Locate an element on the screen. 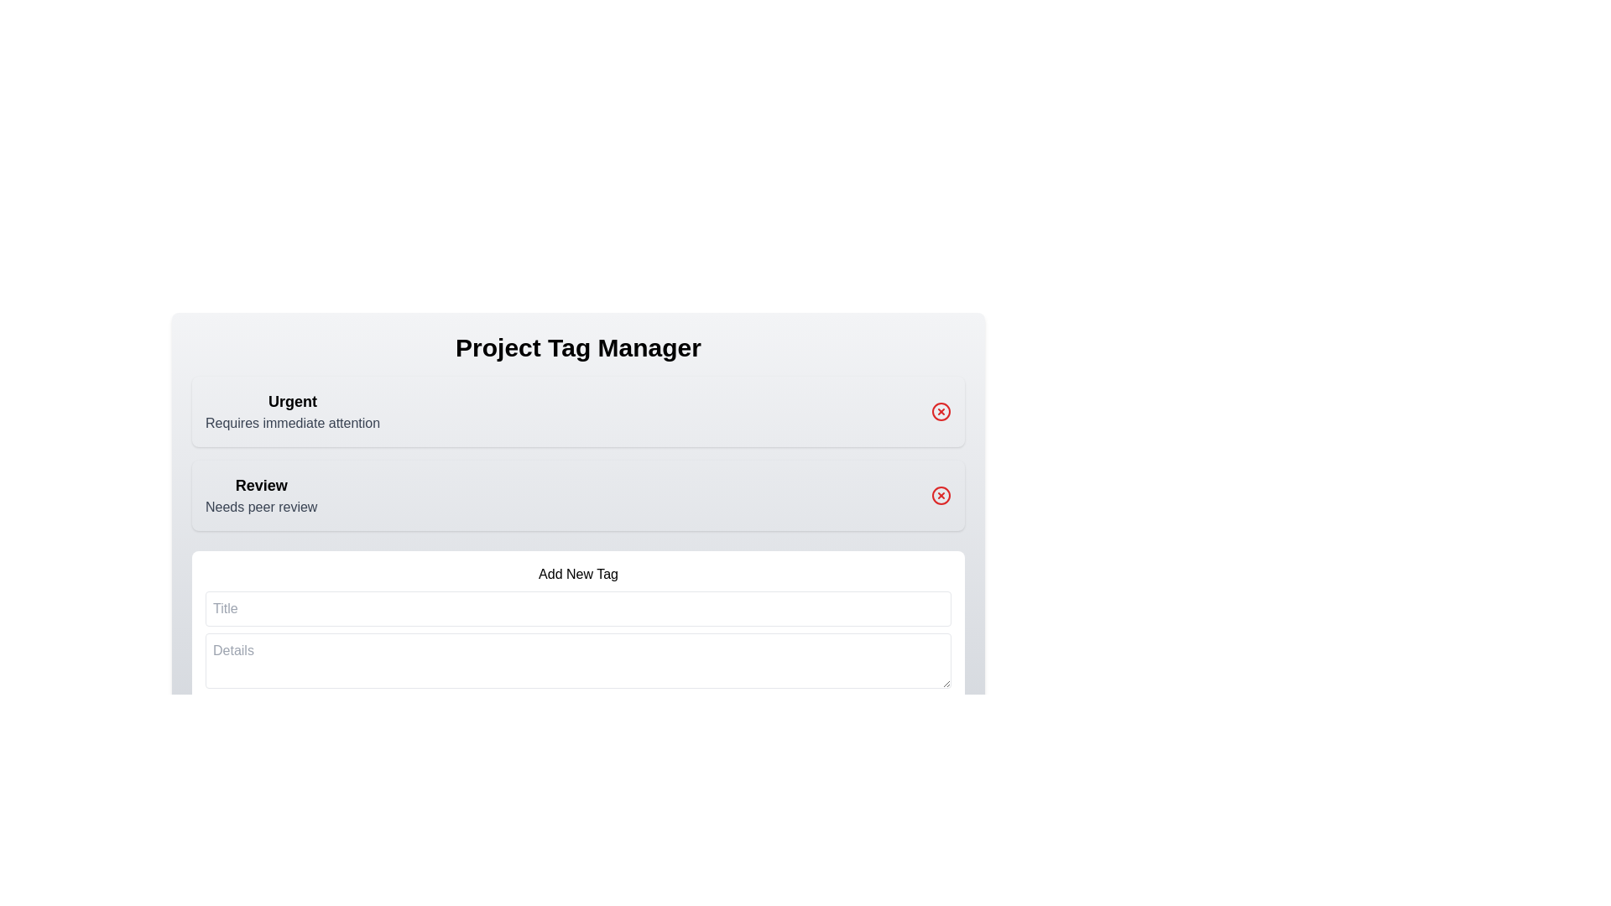  the delete button located on the far right of the 'Review' section, aligned with the text 'Needs peer review' is located at coordinates (941, 494).